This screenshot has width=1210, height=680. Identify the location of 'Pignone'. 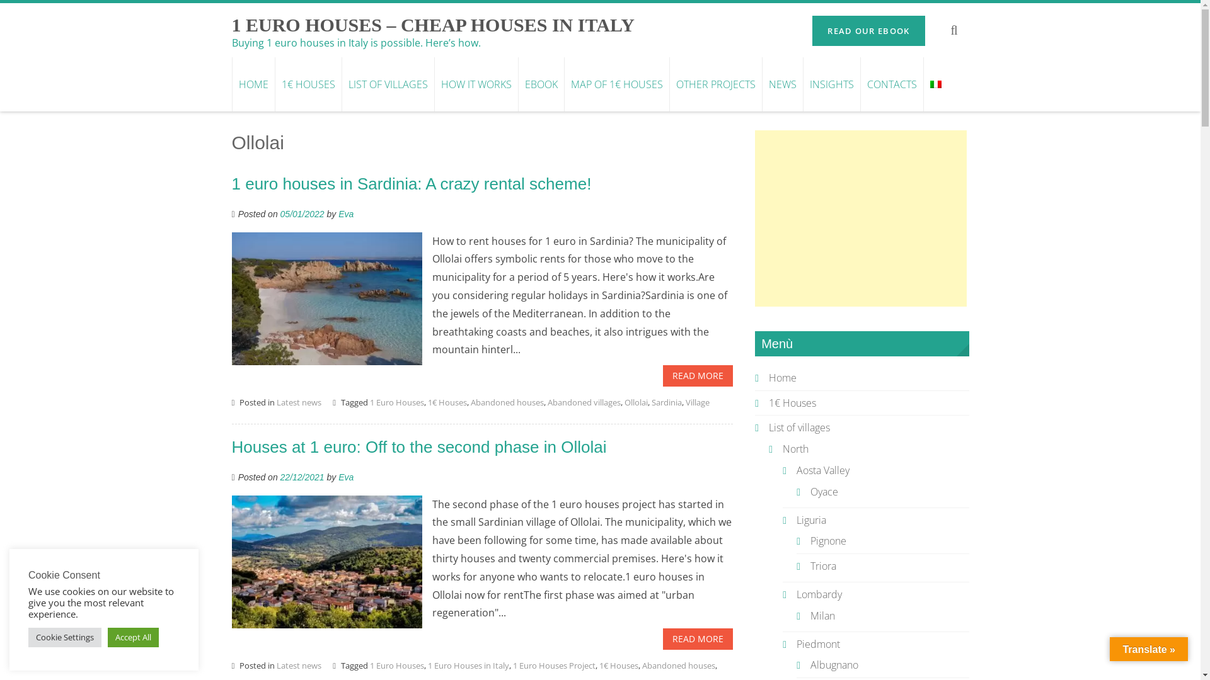
(810, 540).